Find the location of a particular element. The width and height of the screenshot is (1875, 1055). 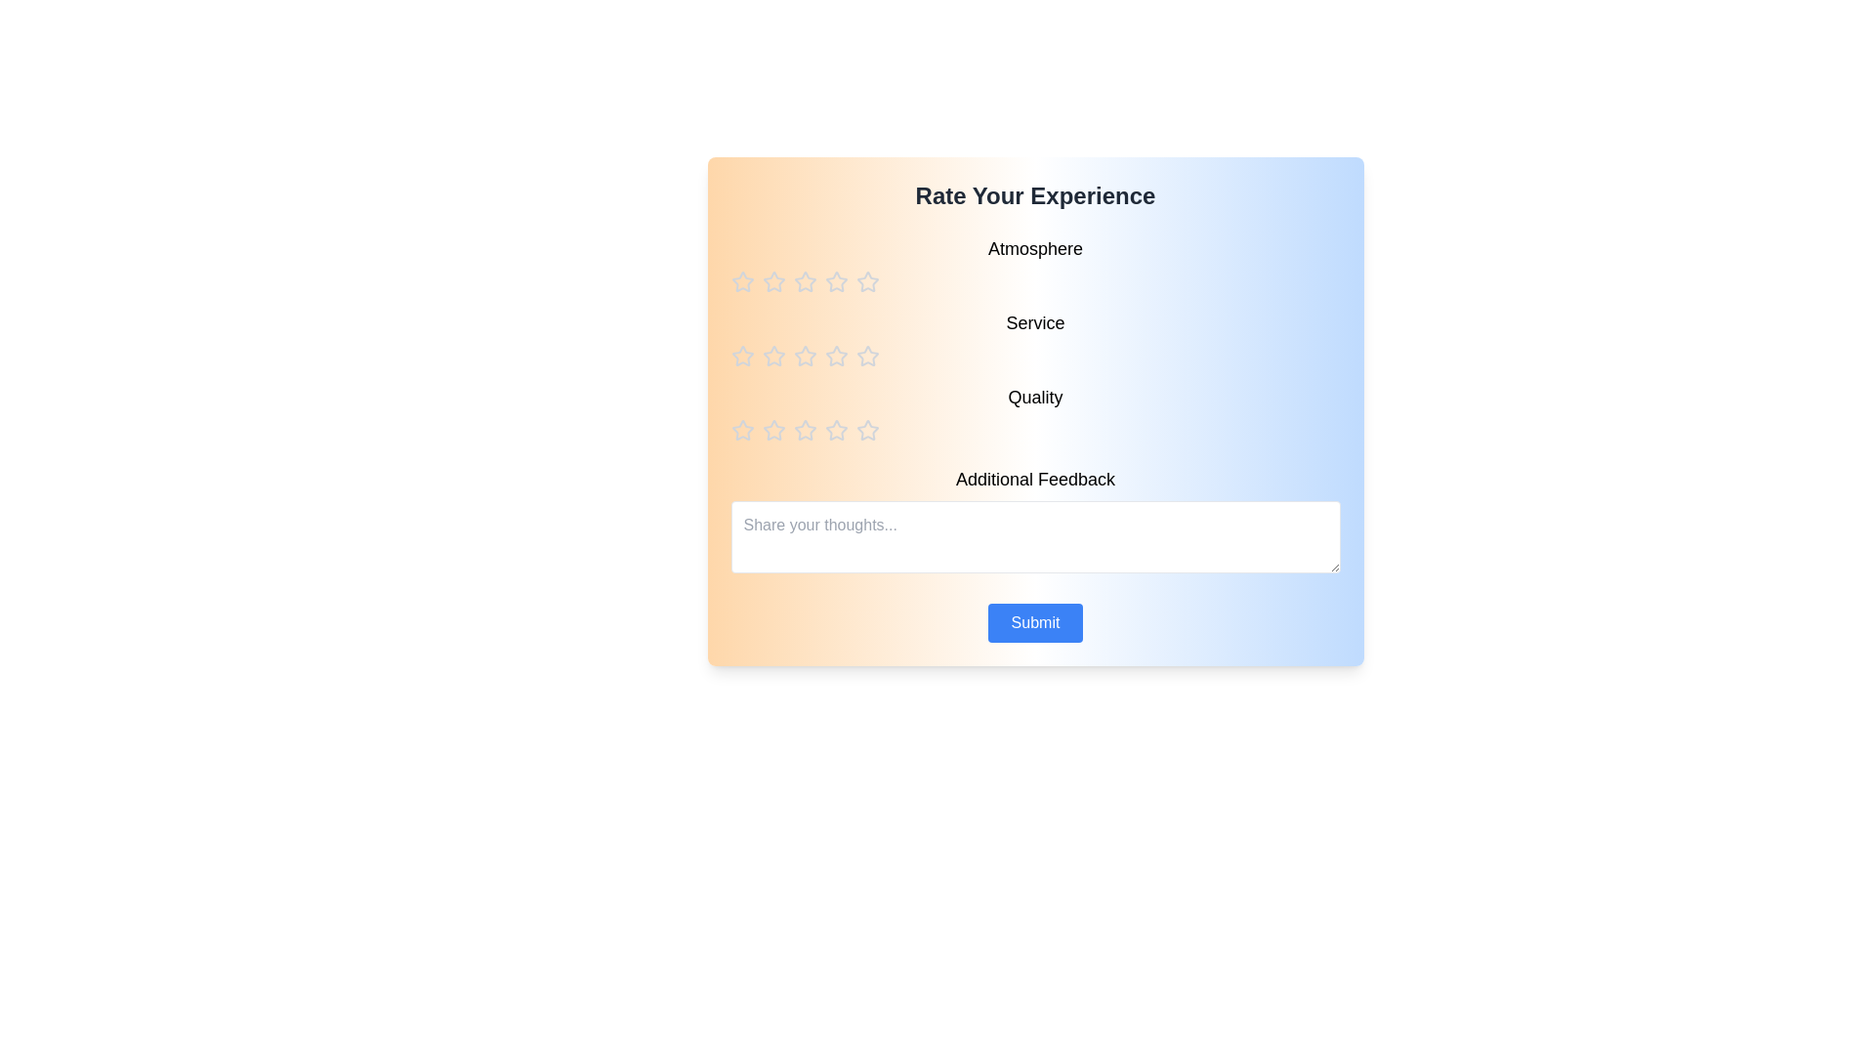

the star corresponding to the rating 1 for the category service is located at coordinates (741, 357).